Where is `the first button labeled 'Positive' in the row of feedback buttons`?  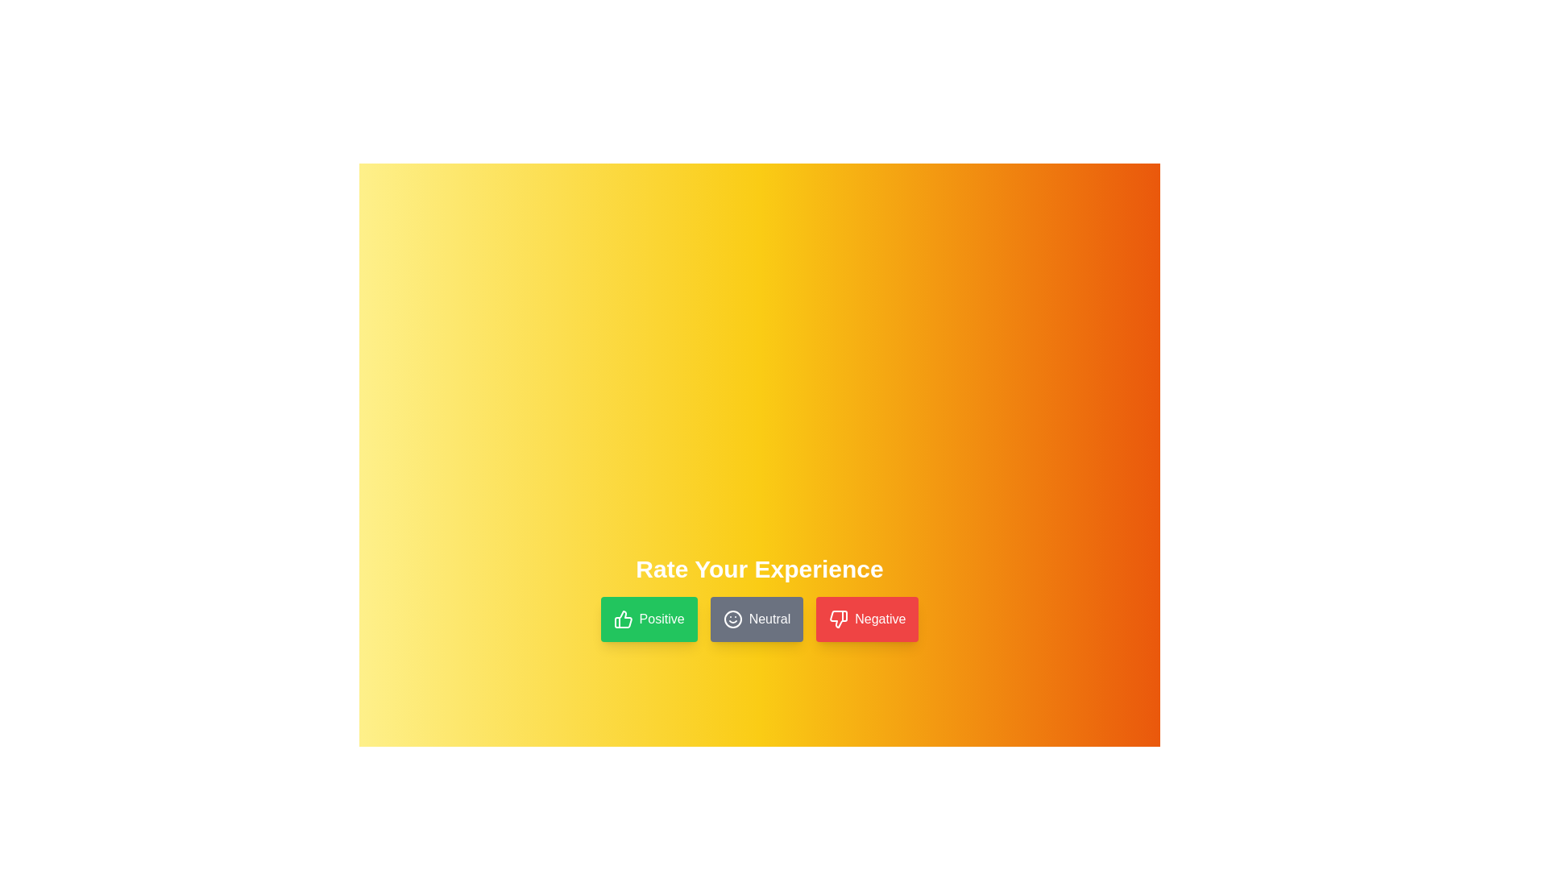 the first button labeled 'Positive' in the row of feedback buttons is located at coordinates (649, 618).